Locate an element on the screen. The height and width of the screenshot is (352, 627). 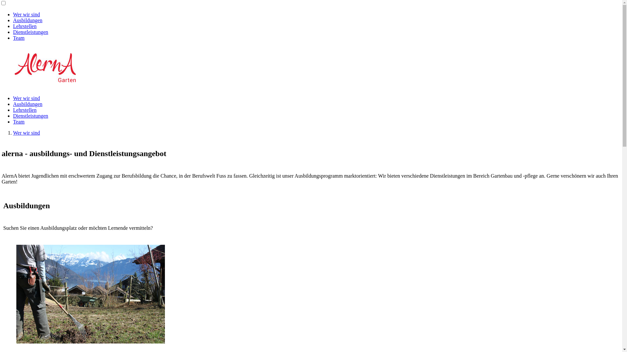
'Ausbildungen' is located at coordinates (27, 104).